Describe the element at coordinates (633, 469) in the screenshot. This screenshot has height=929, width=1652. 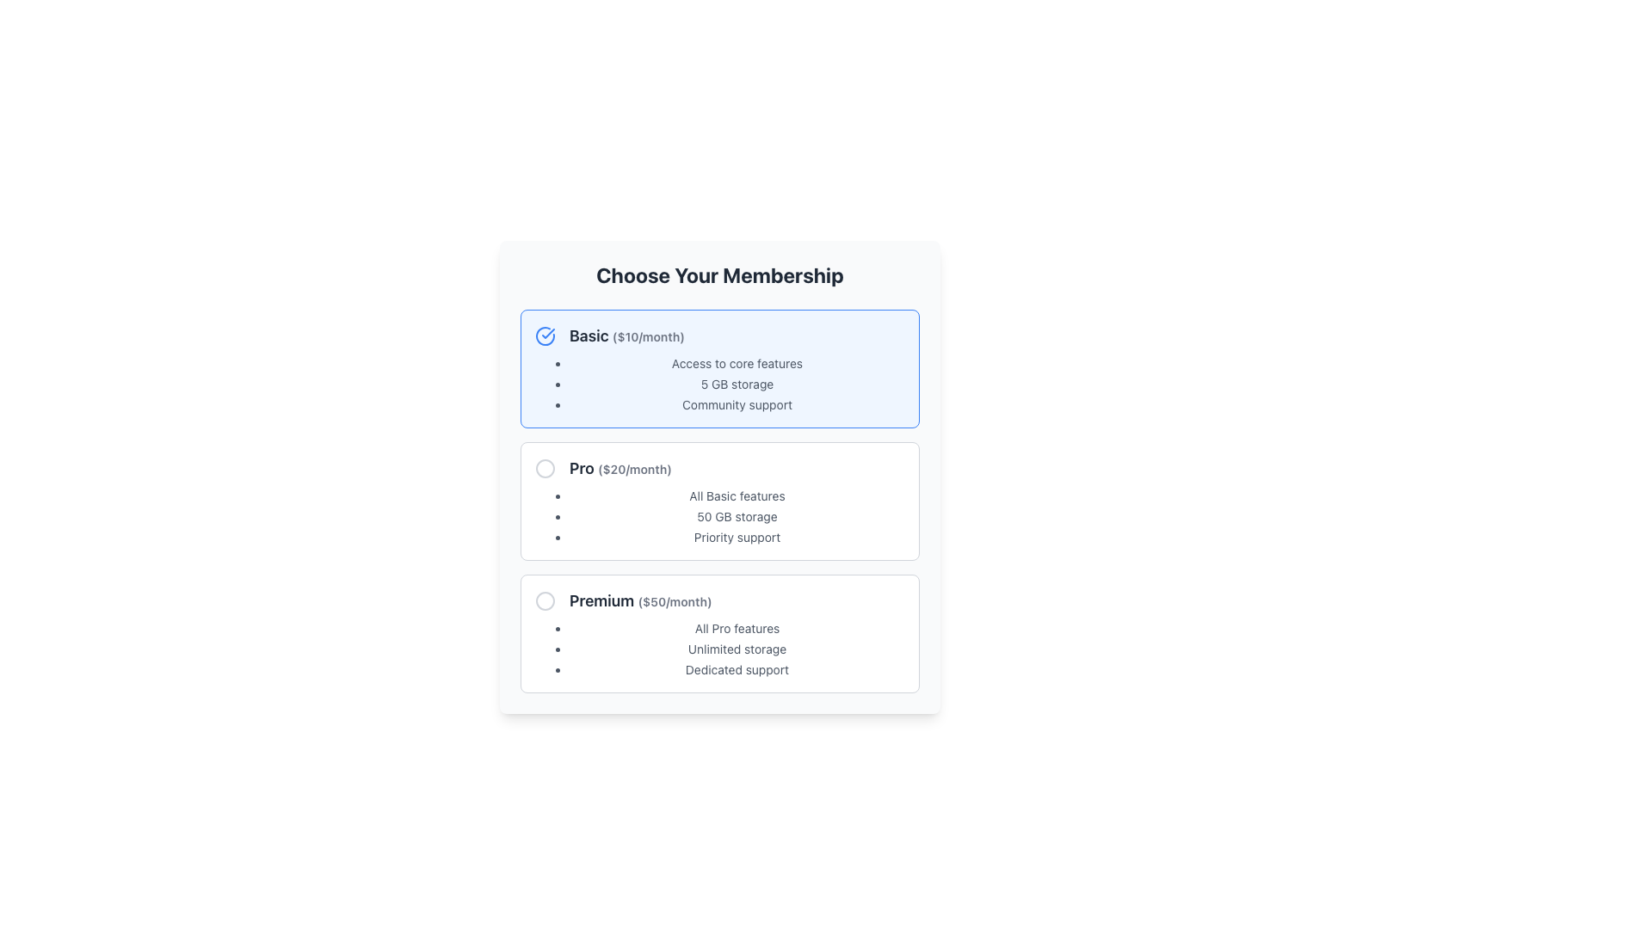
I see `the text label displaying '($20/month)' located to the right of the 'Pro' membership tier title, which is part of the outlined box for the 'Pro' section` at that location.